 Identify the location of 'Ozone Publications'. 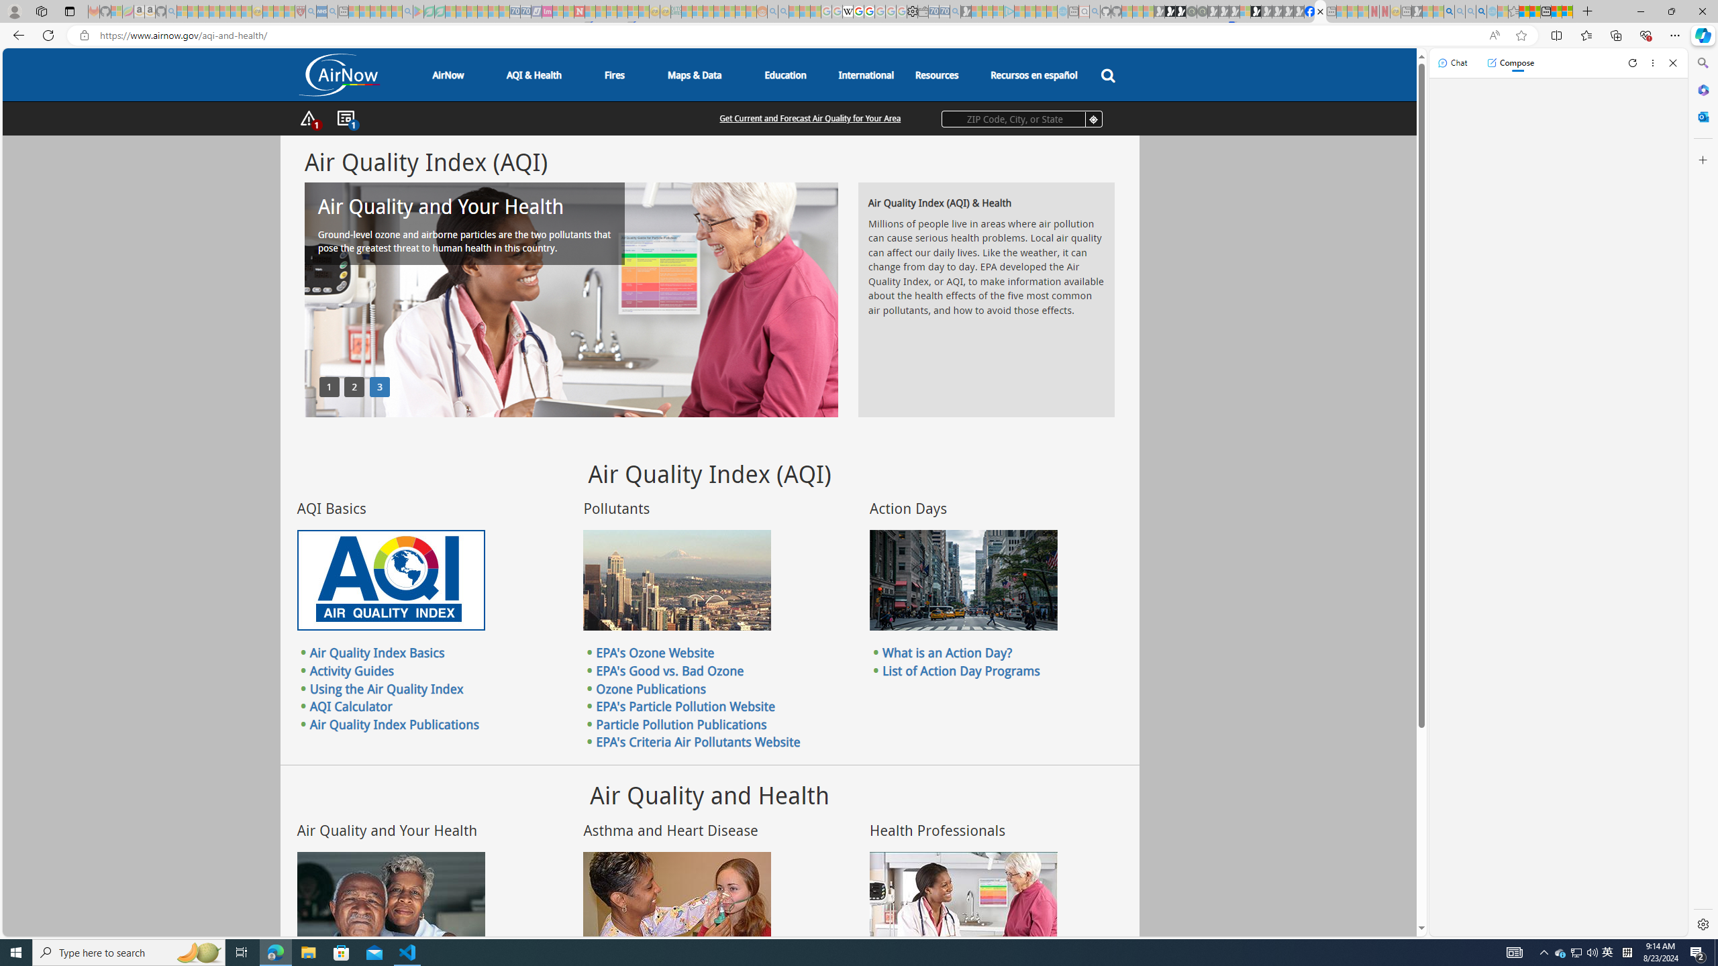
(651, 688).